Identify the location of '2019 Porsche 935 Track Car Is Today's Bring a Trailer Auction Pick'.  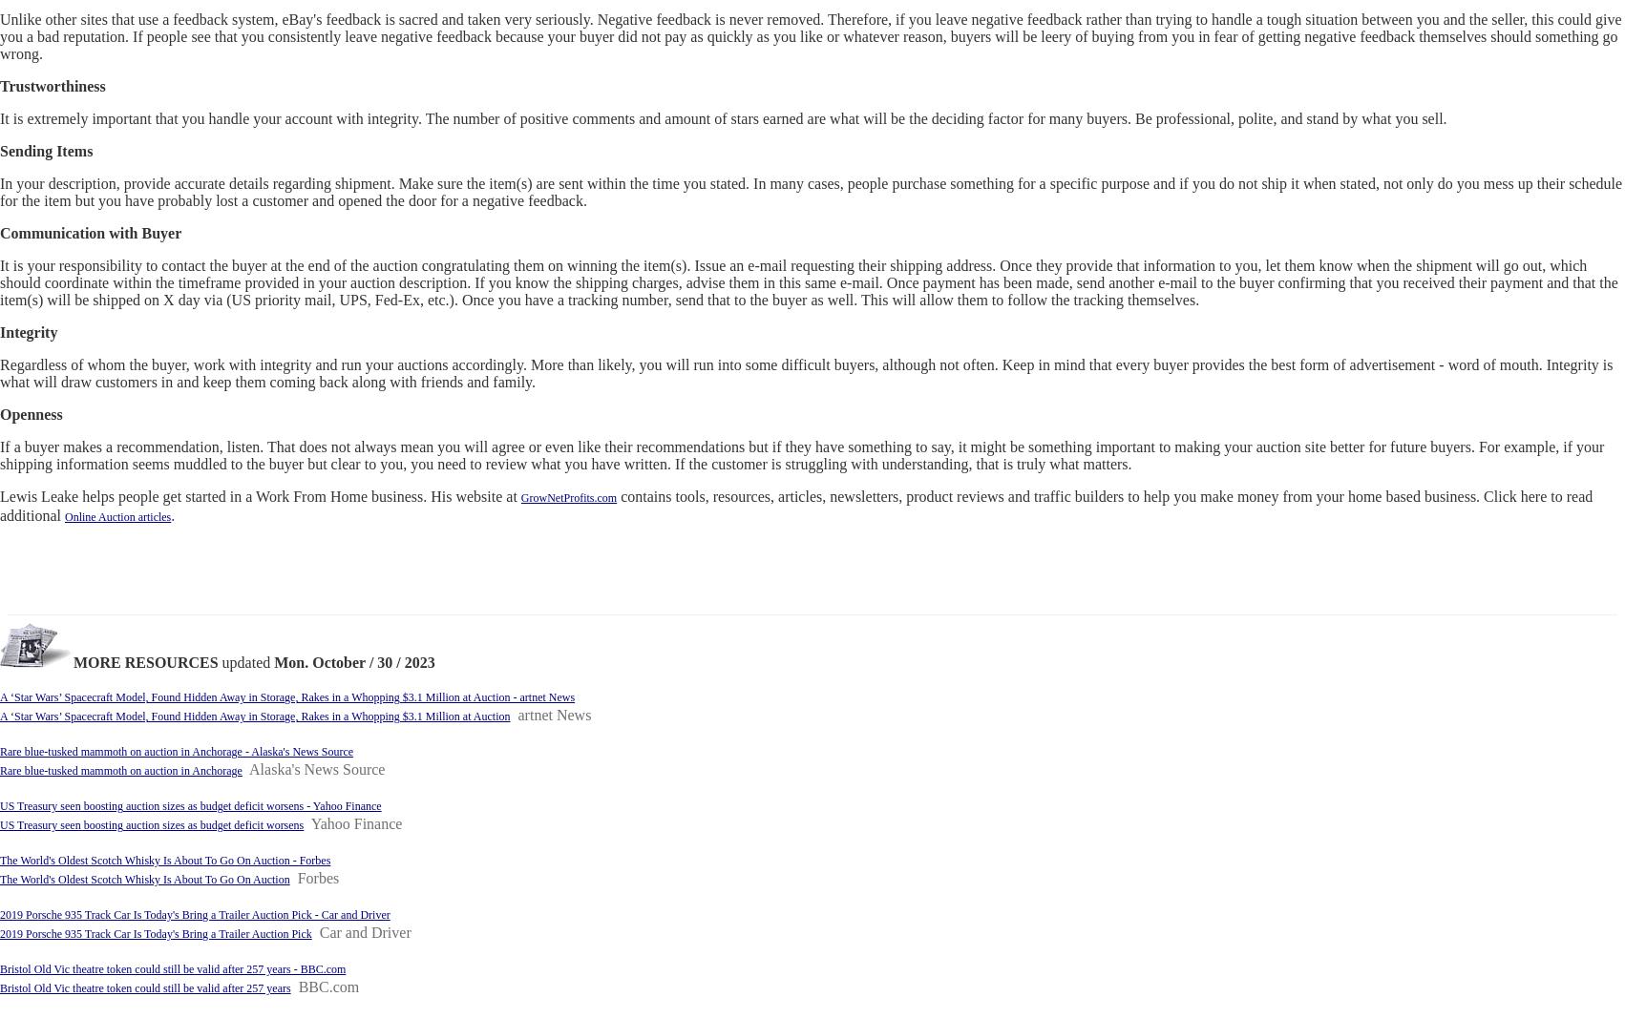
(0, 933).